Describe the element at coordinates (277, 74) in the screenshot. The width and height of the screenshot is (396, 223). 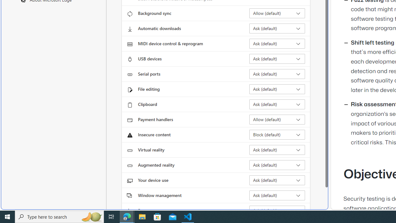
I see `'Serial ports Ask (default)'` at that location.